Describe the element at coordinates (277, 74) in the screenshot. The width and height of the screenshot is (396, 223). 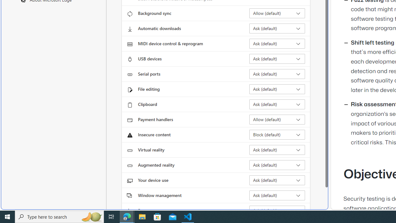
I see `'Serial ports Ask (default)'` at that location.